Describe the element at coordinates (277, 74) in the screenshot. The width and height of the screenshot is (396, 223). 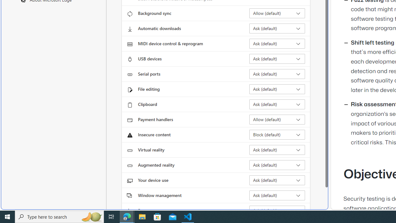
I see `'Serial ports Ask (default)'` at that location.